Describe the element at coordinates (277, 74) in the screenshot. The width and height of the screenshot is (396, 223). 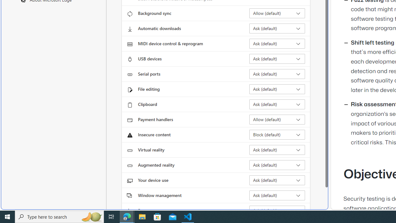
I see `'Serial ports Ask (default)'` at that location.